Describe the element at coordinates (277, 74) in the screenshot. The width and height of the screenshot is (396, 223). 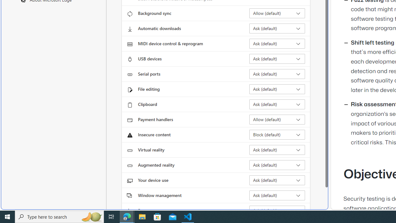
I see `'Serial ports Ask (default)'` at that location.